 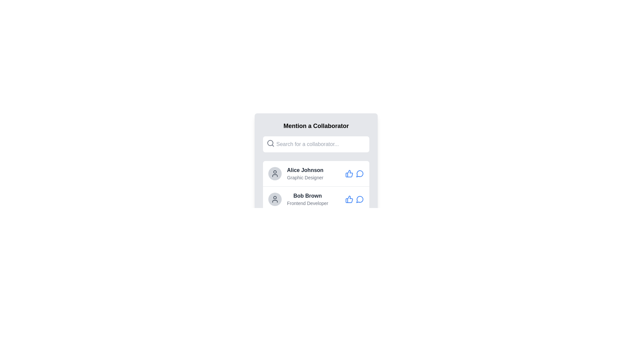 I want to click on the text label identifying the user 'Bob Brown' within the list of collaborators in the dialog box labeled 'Mention a Collaborator', so click(x=307, y=195).